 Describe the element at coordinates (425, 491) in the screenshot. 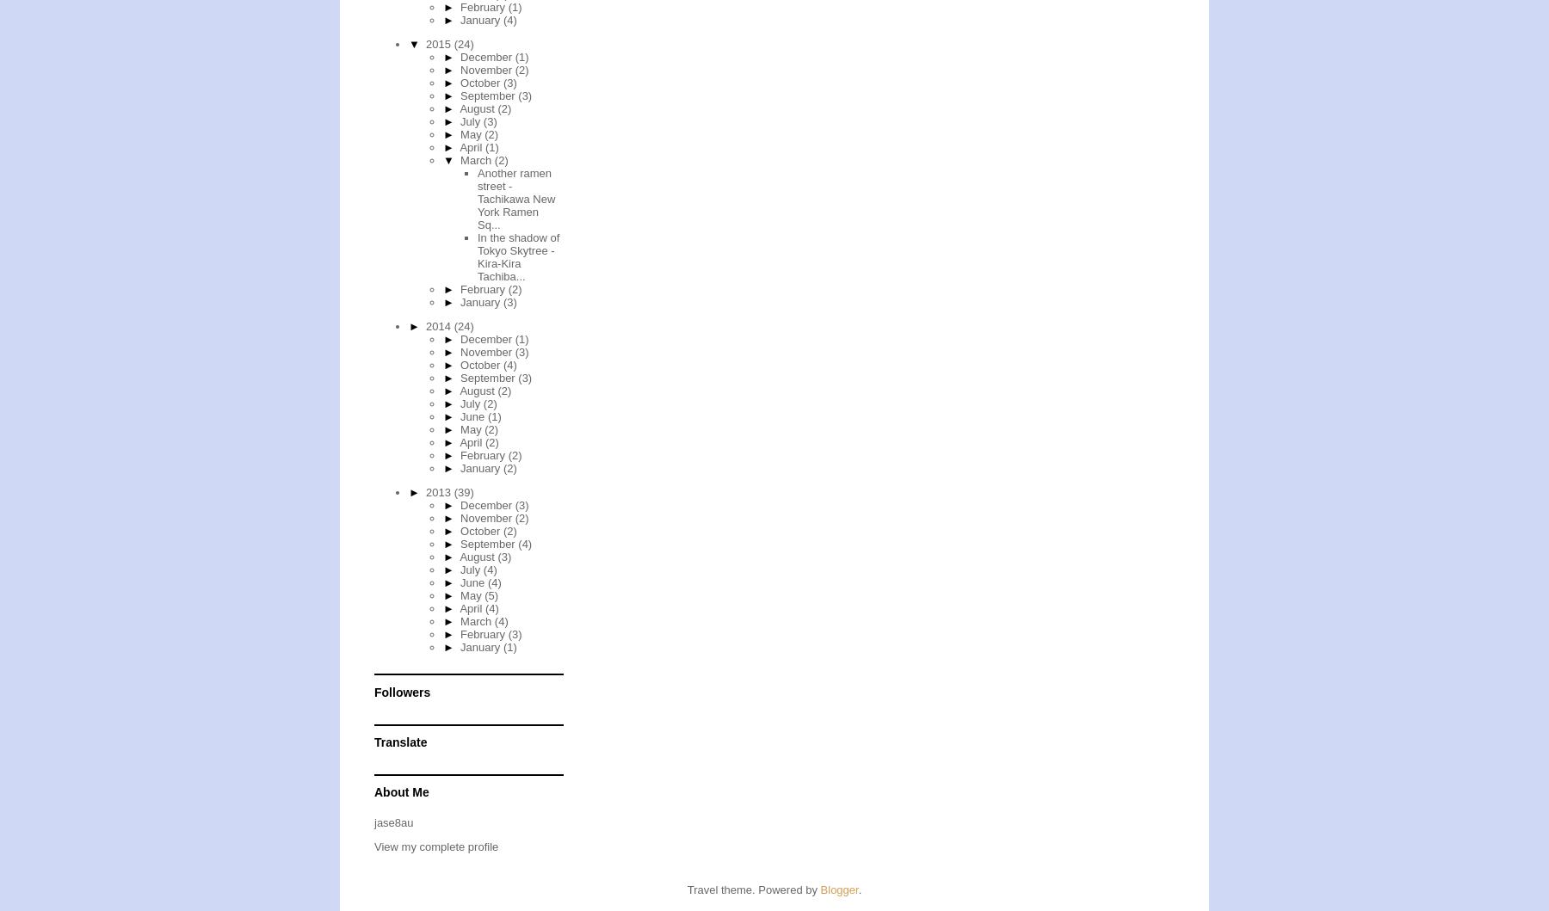

I see `'2013'` at that location.